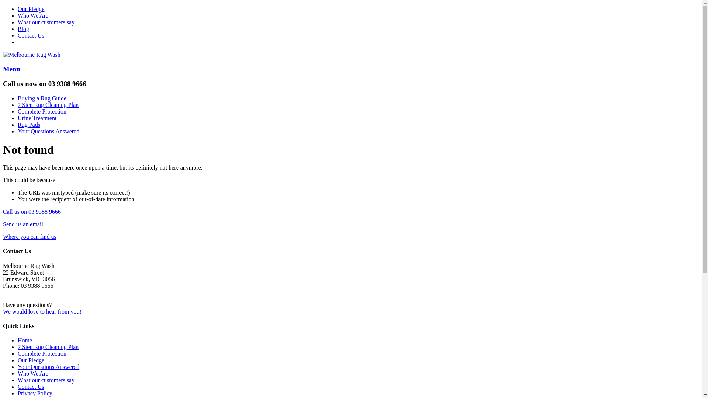 This screenshot has width=708, height=398. What do you see at coordinates (35, 393) in the screenshot?
I see `'Privacy Policy'` at bounding box center [35, 393].